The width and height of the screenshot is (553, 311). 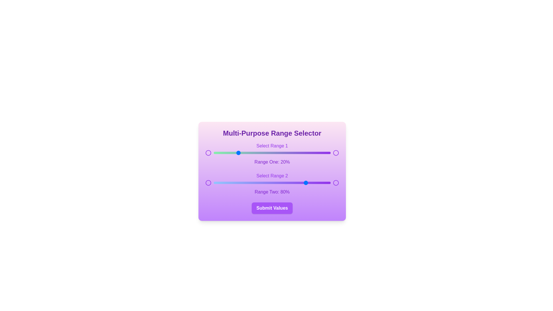 What do you see at coordinates (314, 153) in the screenshot?
I see `the slider handle to set the value to 86% for the selected range` at bounding box center [314, 153].